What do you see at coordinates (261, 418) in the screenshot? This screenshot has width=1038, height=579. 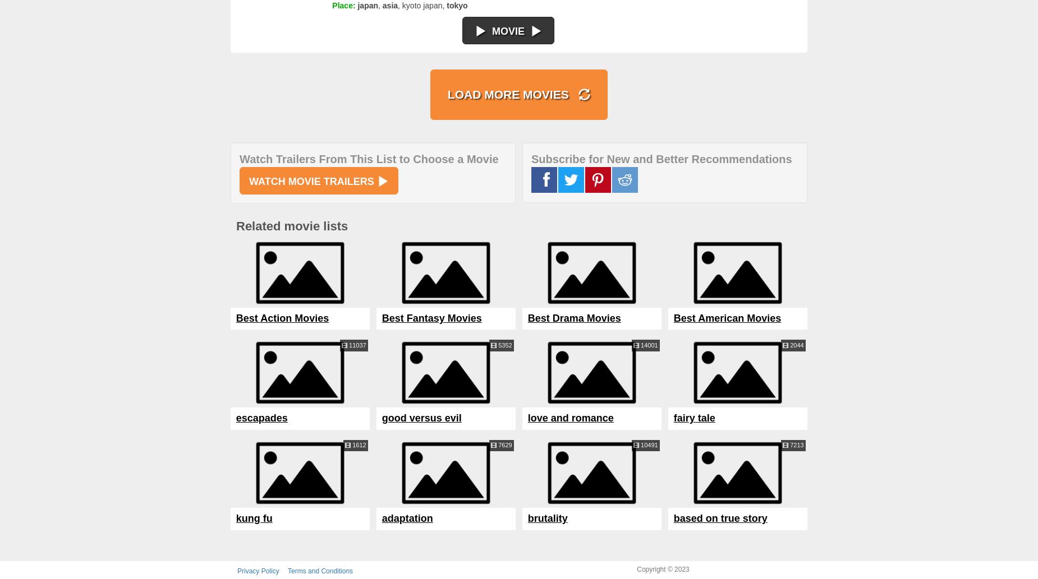 I see `'escapades'` at bounding box center [261, 418].